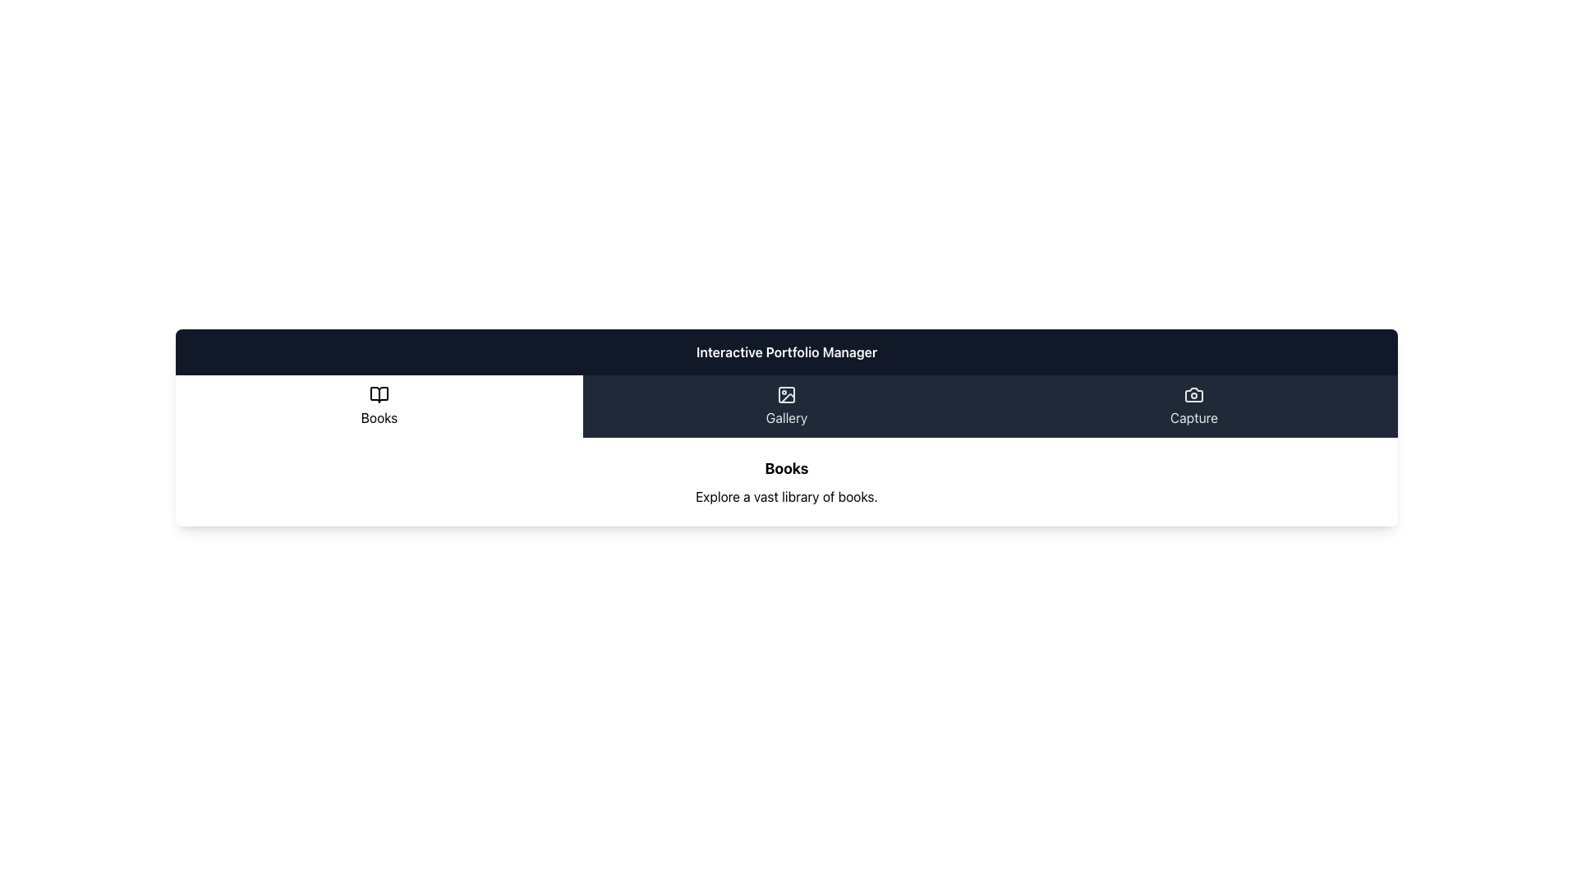 The height and width of the screenshot is (887, 1577). Describe the element at coordinates (378, 395) in the screenshot. I see `the open book icon located in the top-left section of the navigation bar` at that location.